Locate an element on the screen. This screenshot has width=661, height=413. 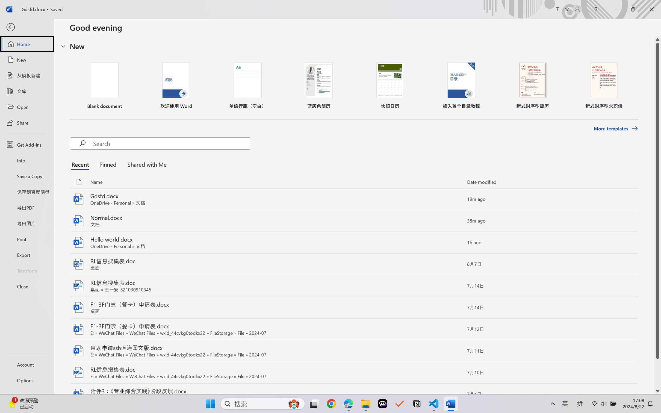
'Shared with Me' is located at coordinates (145, 164).